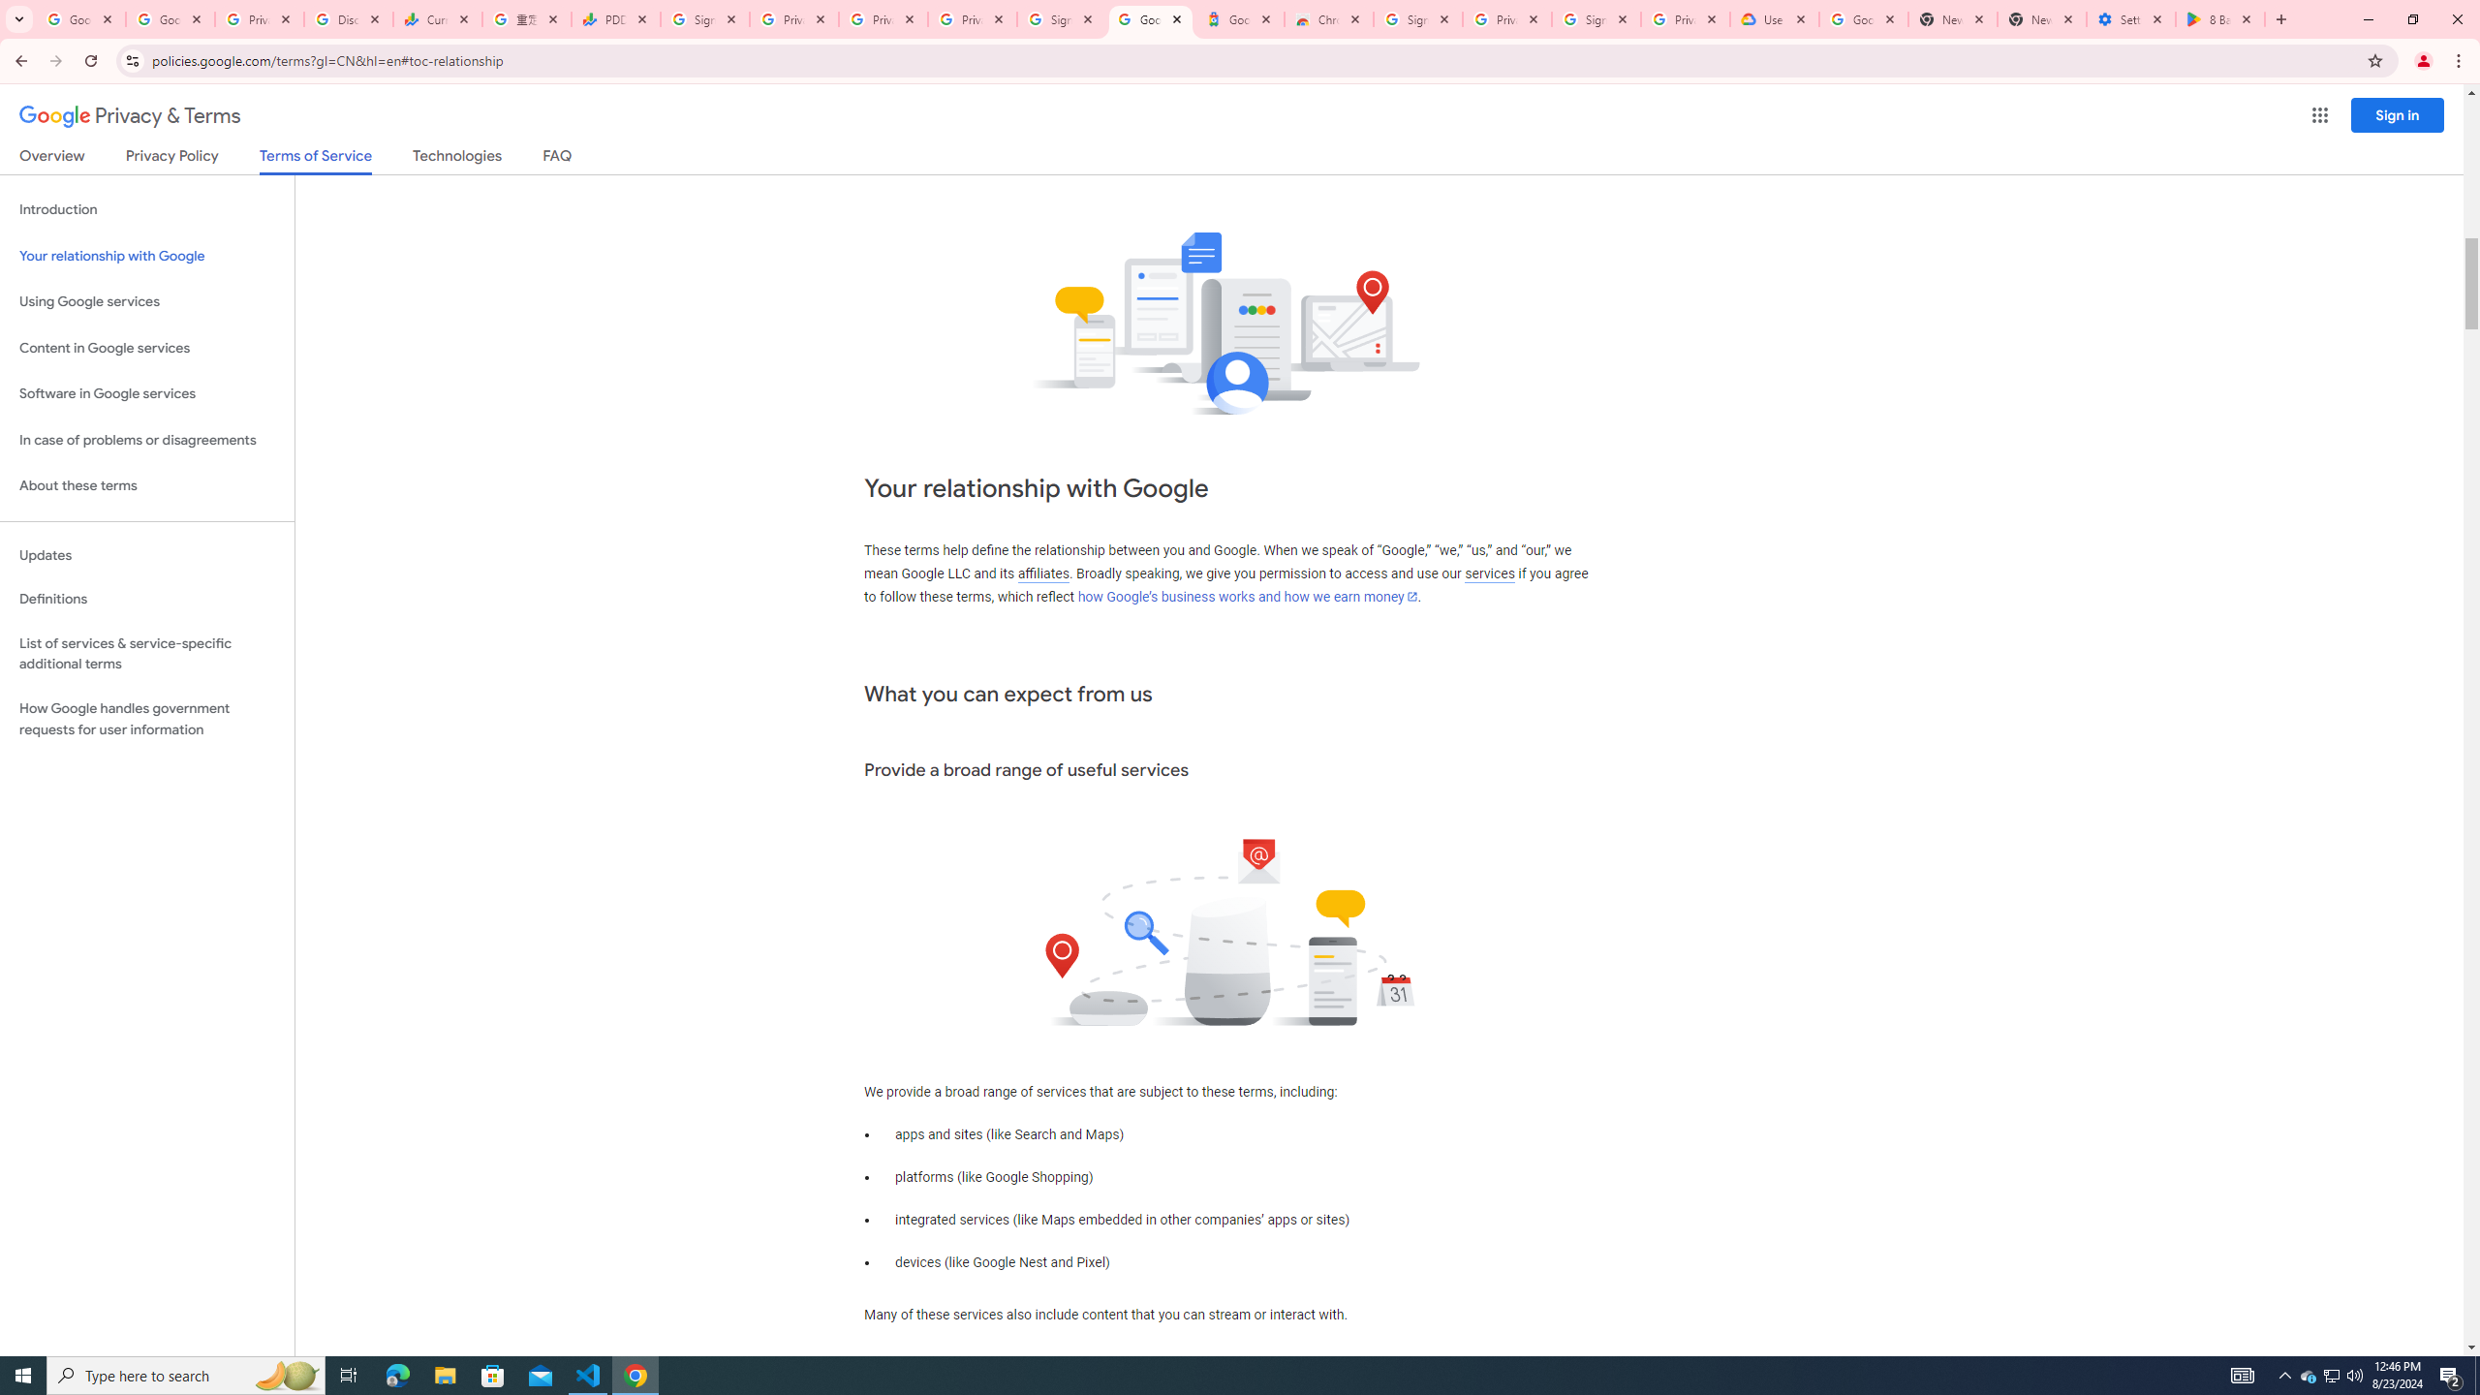  Describe the element at coordinates (79, 18) in the screenshot. I see `'Google Workspace Admin Community'` at that location.